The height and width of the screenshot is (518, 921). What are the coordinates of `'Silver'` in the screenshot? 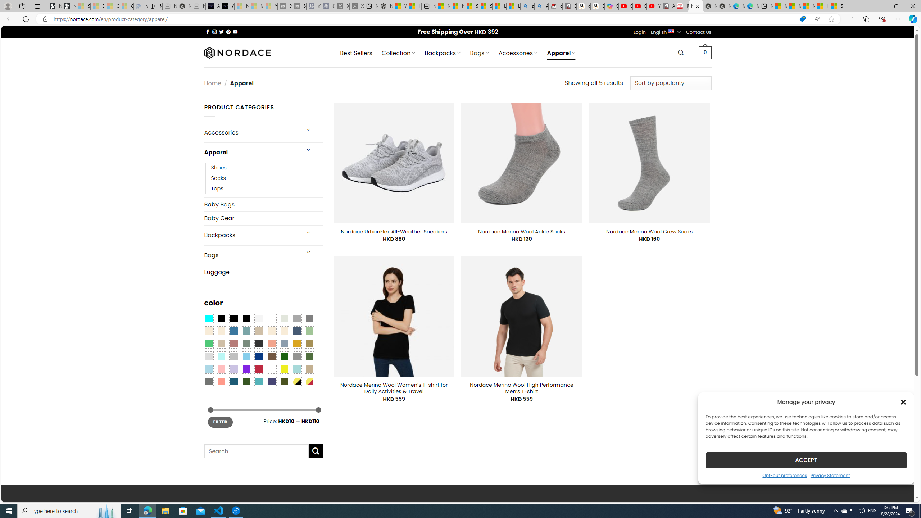 It's located at (233, 356).